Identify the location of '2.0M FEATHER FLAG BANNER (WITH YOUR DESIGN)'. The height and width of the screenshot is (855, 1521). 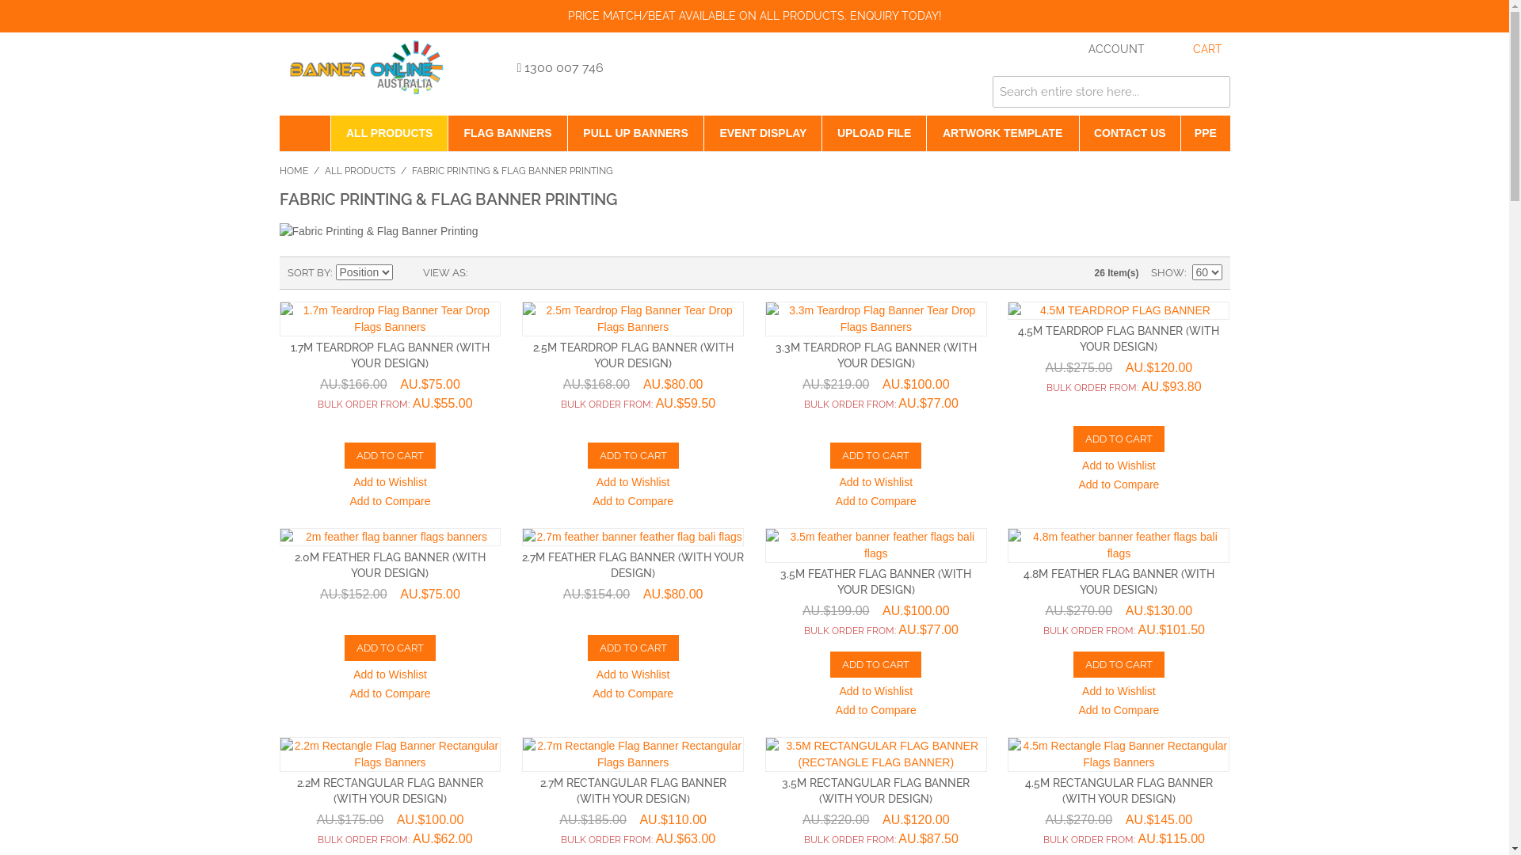
(390, 564).